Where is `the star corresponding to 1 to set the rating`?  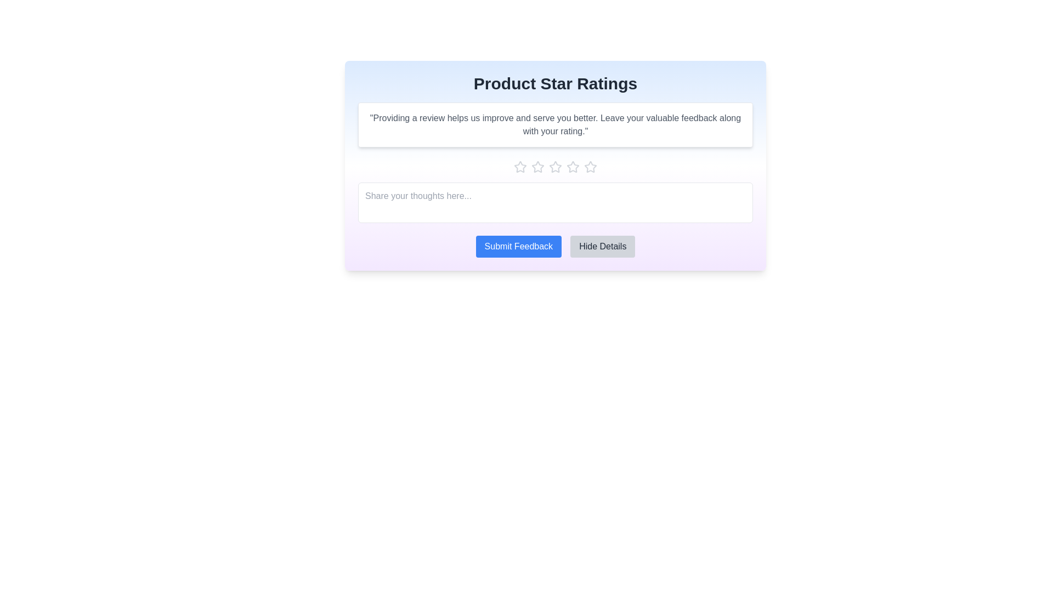 the star corresponding to 1 to set the rating is located at coordinates (520, 167).